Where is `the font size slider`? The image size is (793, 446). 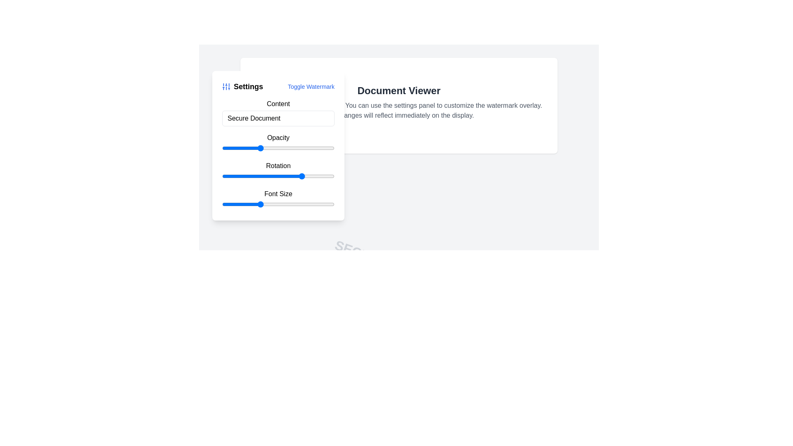
the font size slider is located at coordinates (313, 204).